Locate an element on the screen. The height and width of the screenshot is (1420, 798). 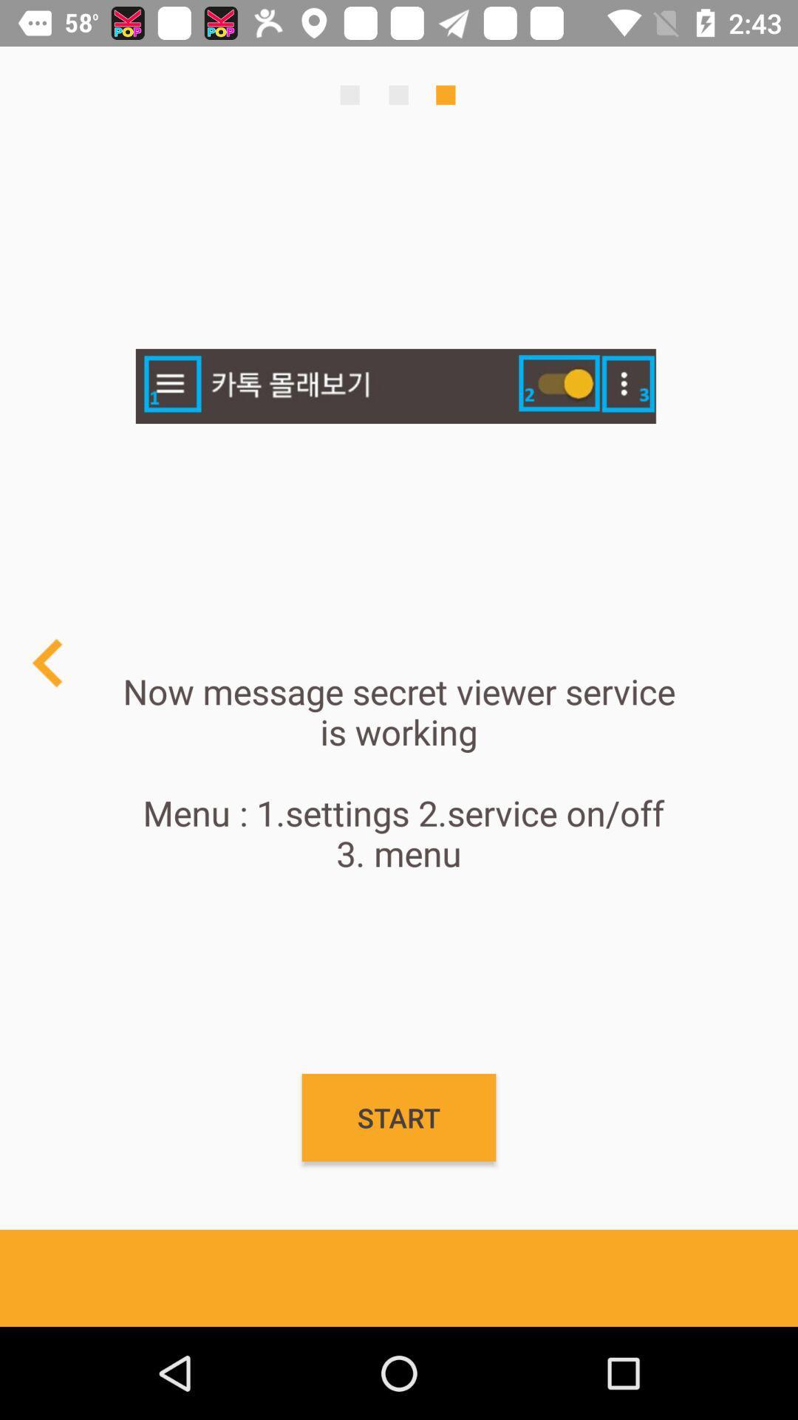
the arrow_backward icon is located at coordinates (47, 662).